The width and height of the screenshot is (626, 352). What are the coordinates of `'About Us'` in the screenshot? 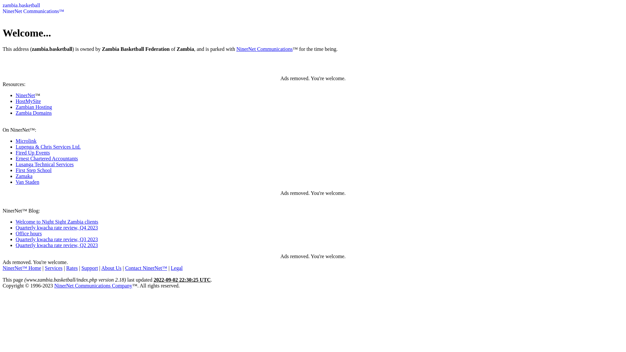 It's located at (111, 268).